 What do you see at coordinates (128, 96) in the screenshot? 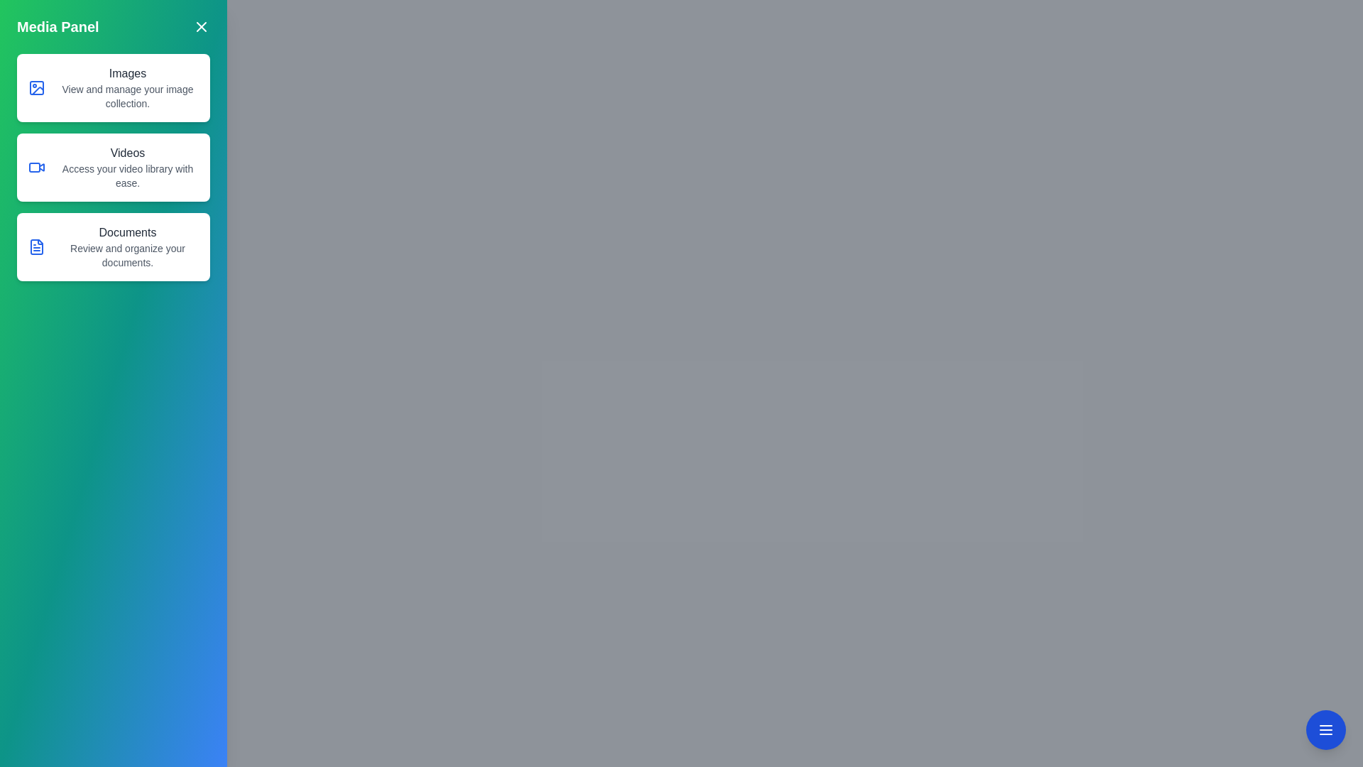
I see `the Static Text element that describes the 'Images' section, which is located directly below the 'Images' title in the left sidebar` at bounding box center [128, 96].